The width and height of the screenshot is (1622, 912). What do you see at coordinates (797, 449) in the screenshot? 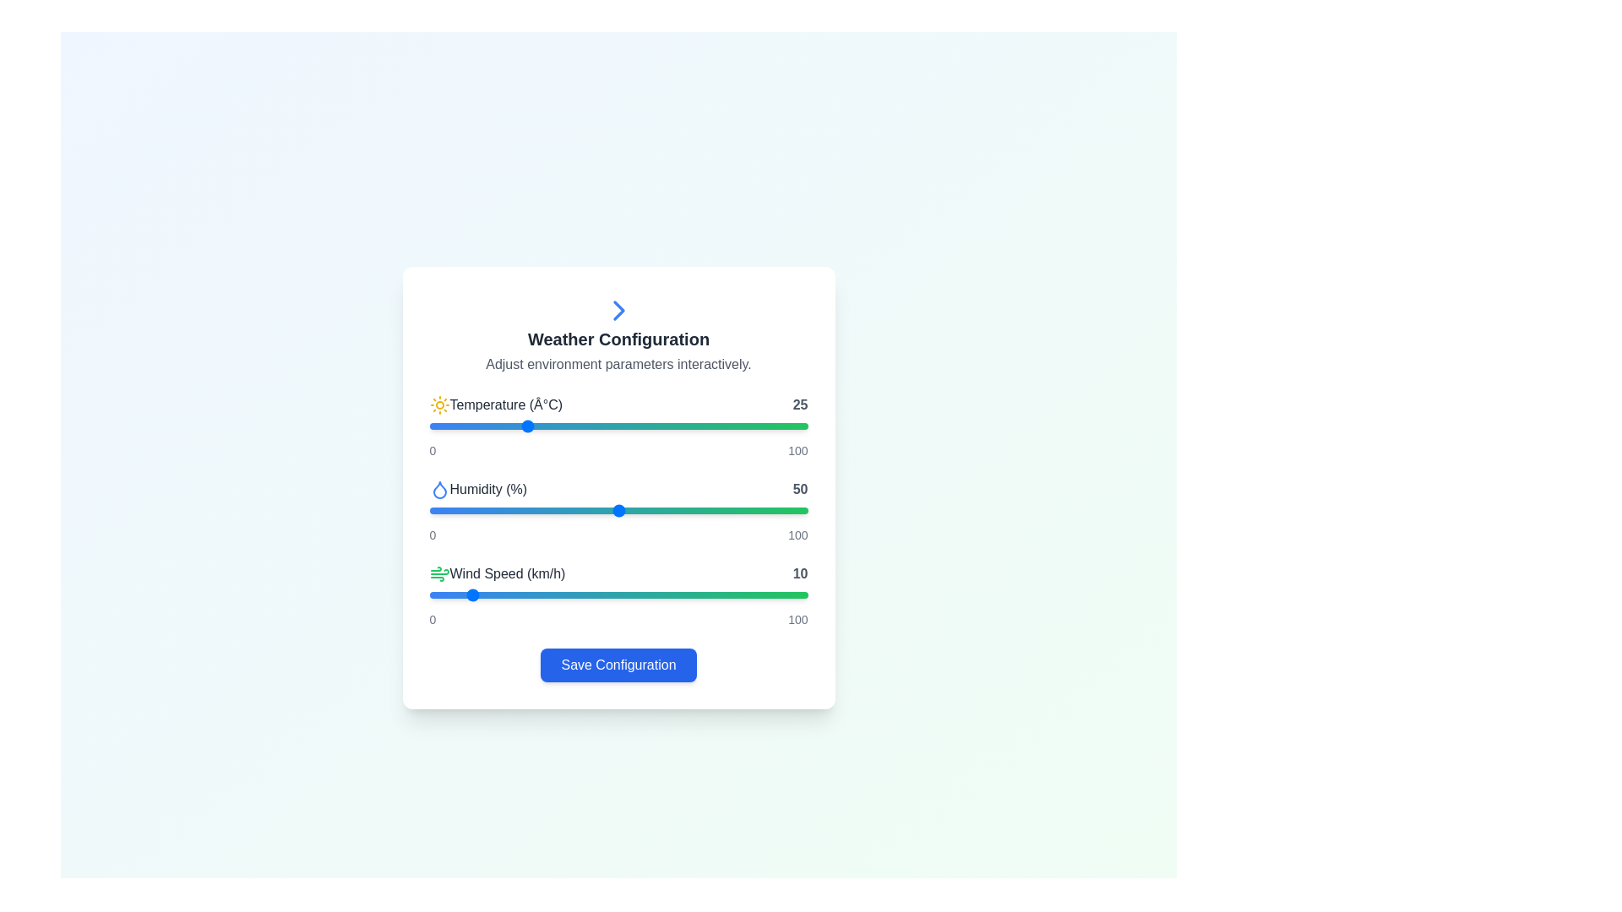
I see `the numeric indicator displaying '100' which is aligned to the far right of the 'Humidity (%)' slider bar, positioned at the top of the slider interface` at bounding box center [797, 449].